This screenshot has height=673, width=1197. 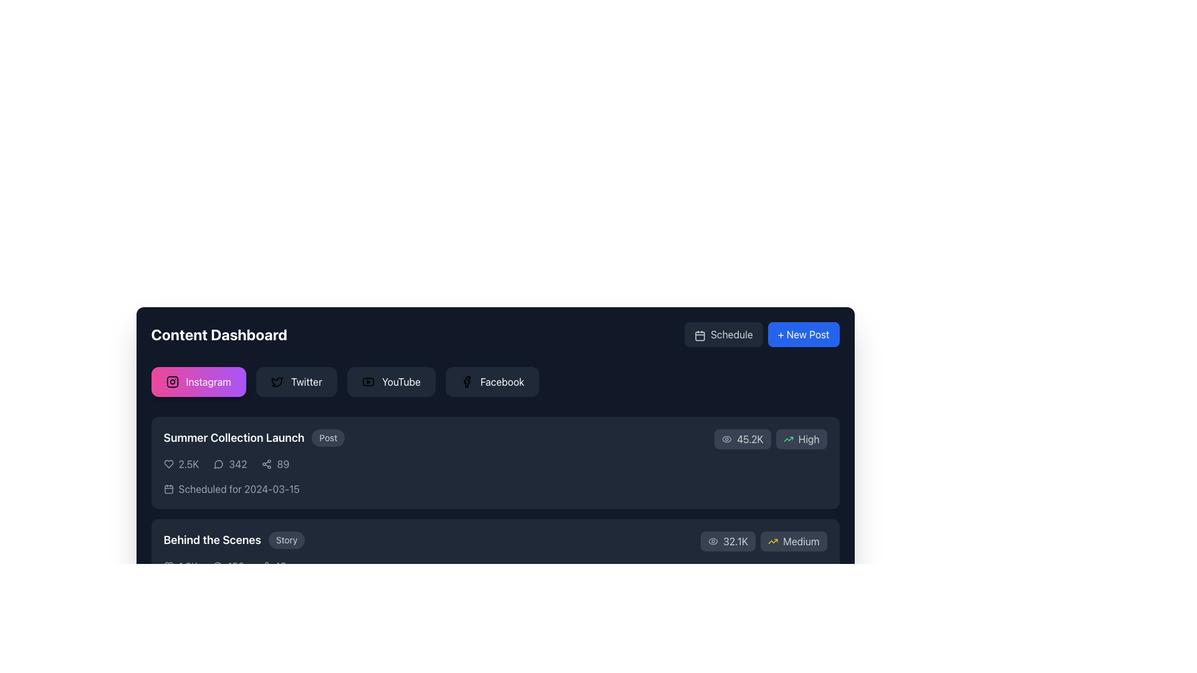 What do you see at coordinates (502, 381) in the screenshot?
I see `the button labeled with Facebook features, located to the right of the buttons for Instagram, Twitter, and YouTube` at bounding box center [502, 381].